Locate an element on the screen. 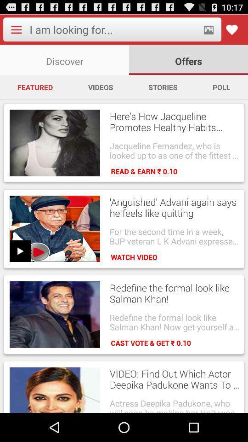 The image size is (248, 442). the app to the right of the featured item is located at coordinates (100, 87).